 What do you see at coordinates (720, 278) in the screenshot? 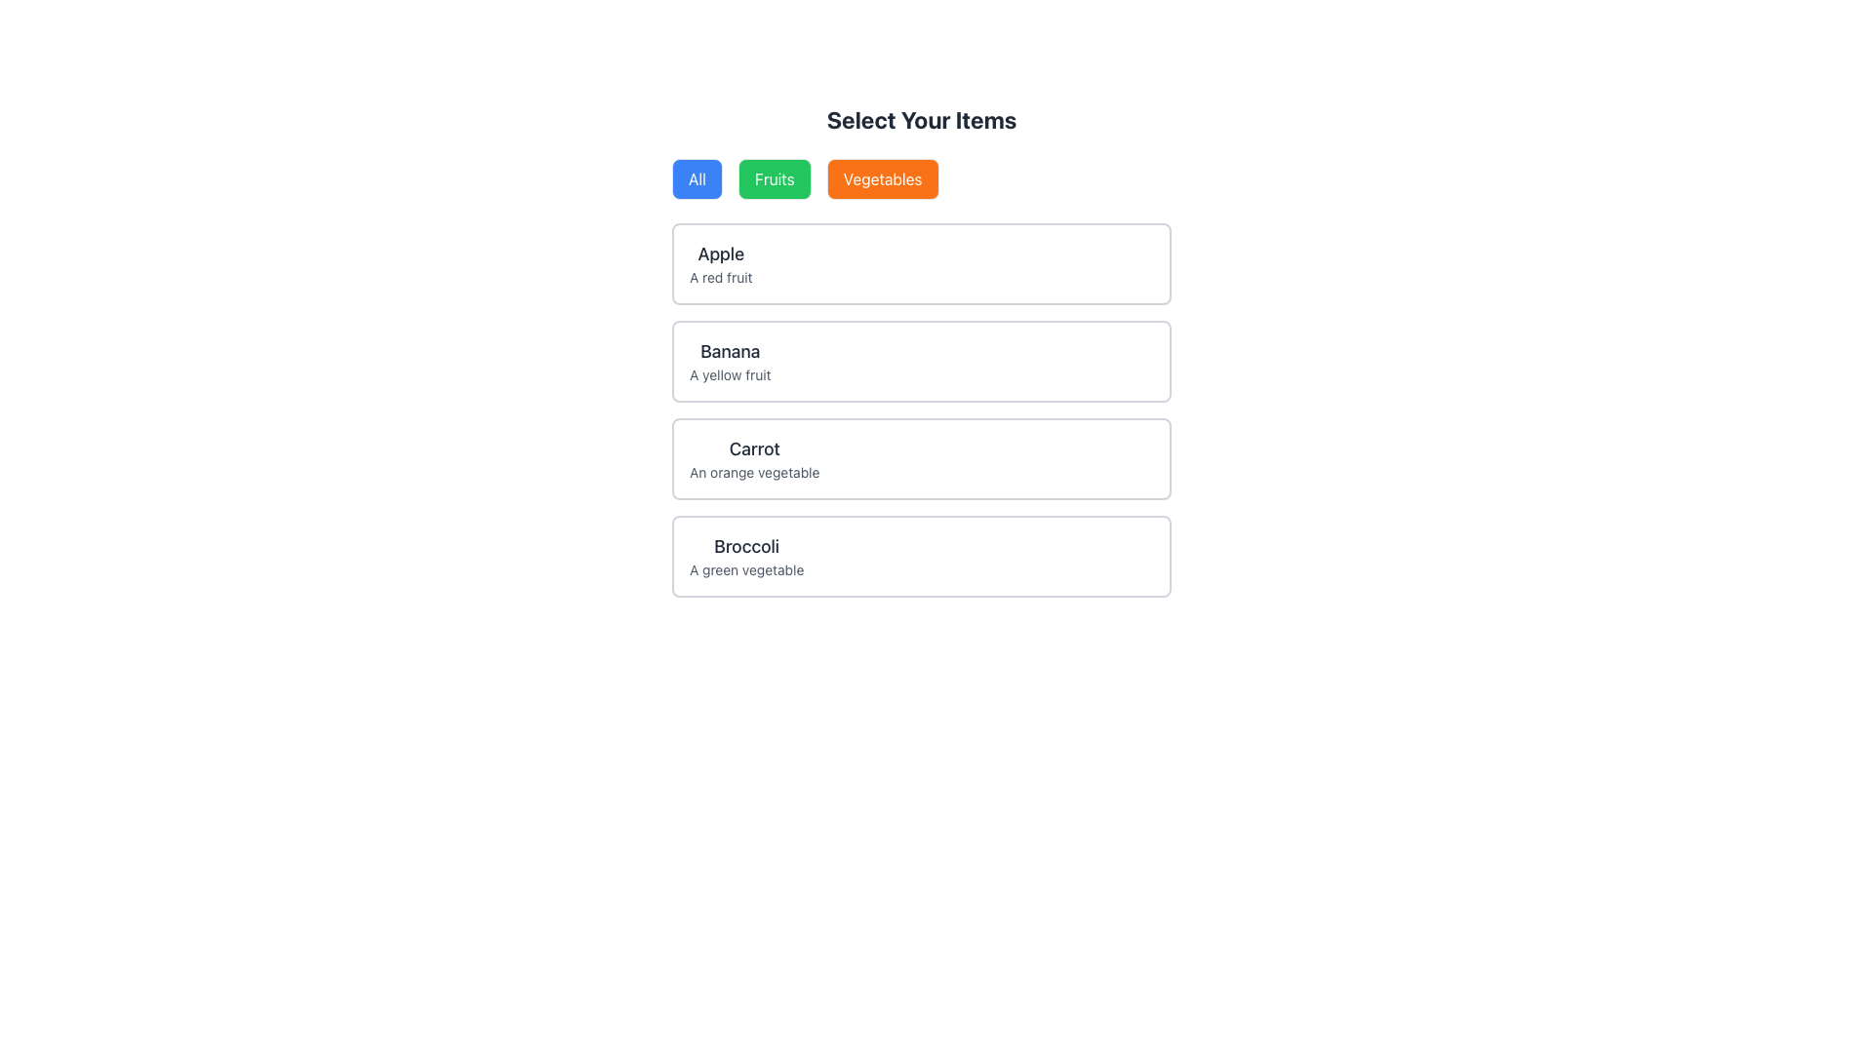
I see `the text label that reads 'A red fruit', which is styled in a smaller font with a lighter gray color and located directly beneath the larger, bold text 'Apple'` at bounding box center [720, 278].